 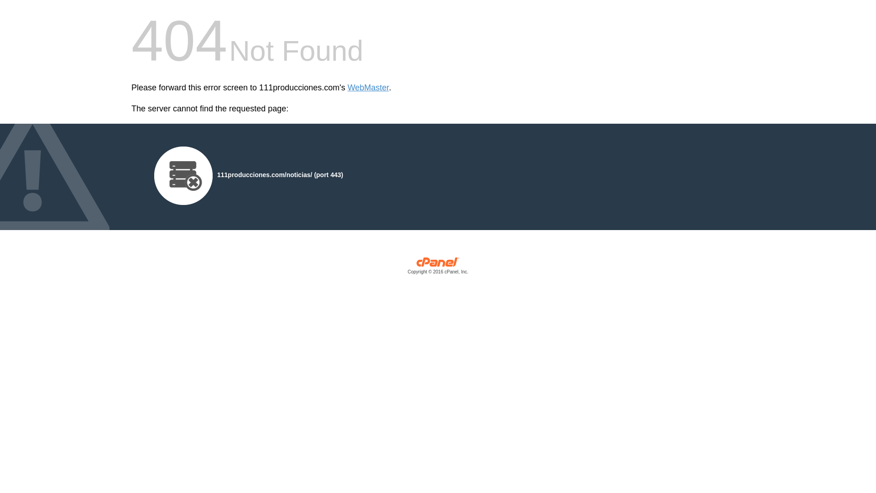 What do you see at coordinates (368, 88) in the screenshot?
I see `'WebMaster'` at bounding box center [368, 88].